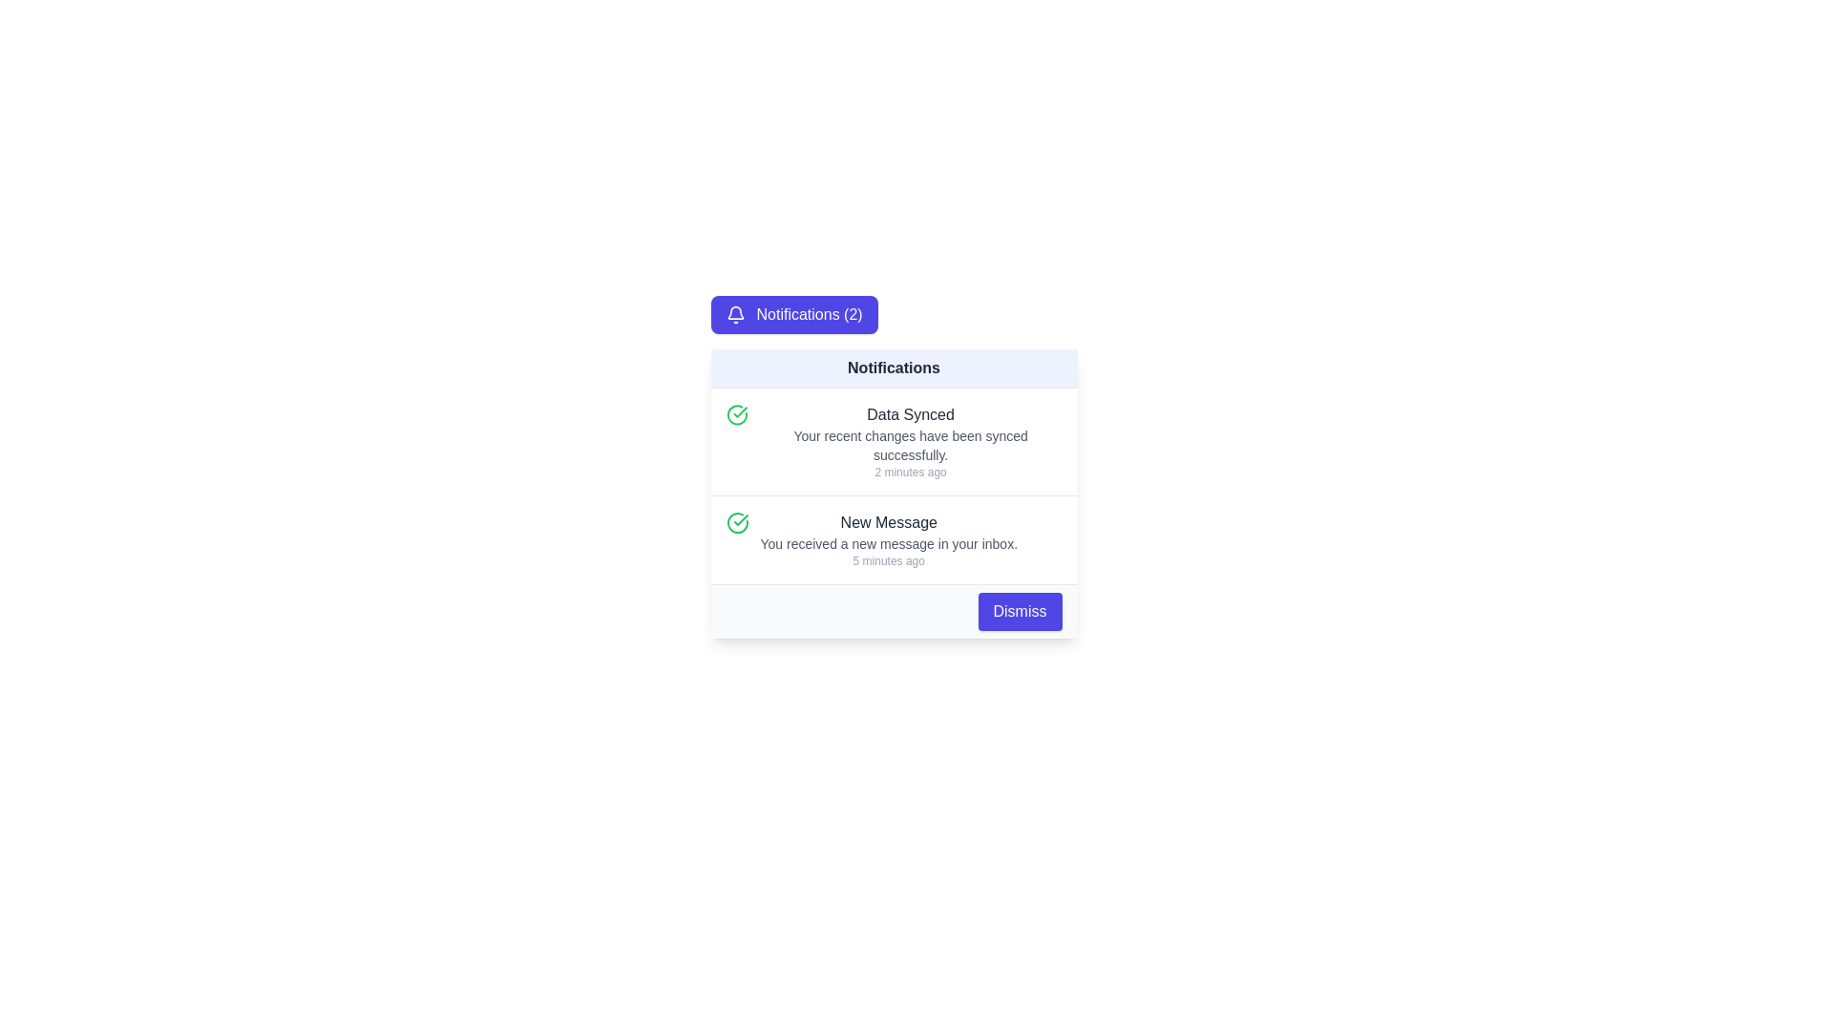 The image size is (1833, 1031). What do you see at coordinates (888, 544) in the screenshot?
I see `the text message 'You received a new message in your inbox.' located in the lower part of the 'New Message' notification block` at bounding box center [888, 544].